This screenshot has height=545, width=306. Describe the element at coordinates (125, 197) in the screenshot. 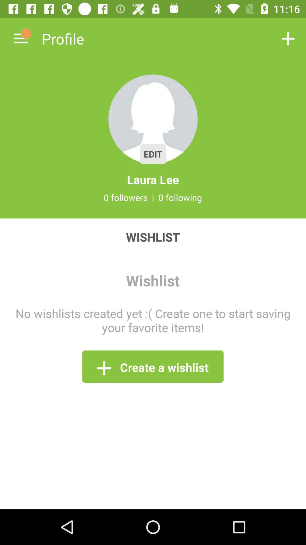

I see `the 0 followers` at that location.